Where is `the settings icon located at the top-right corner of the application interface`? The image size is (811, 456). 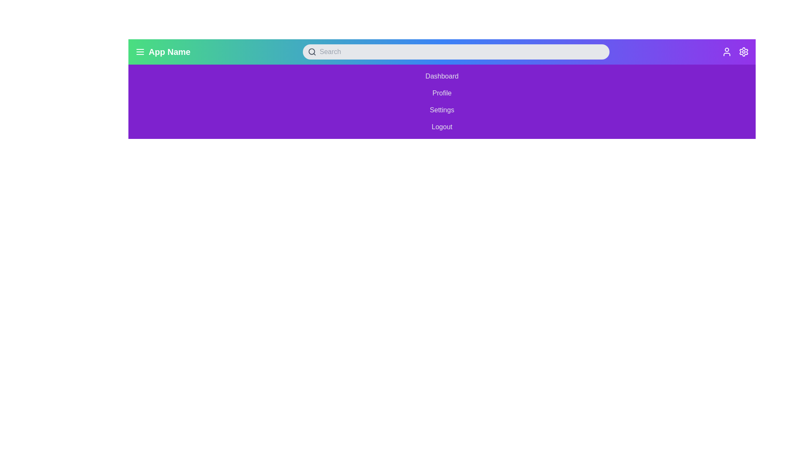
the settings icon located at the top-right corner of the application interface is located at coordinates (744, 52).